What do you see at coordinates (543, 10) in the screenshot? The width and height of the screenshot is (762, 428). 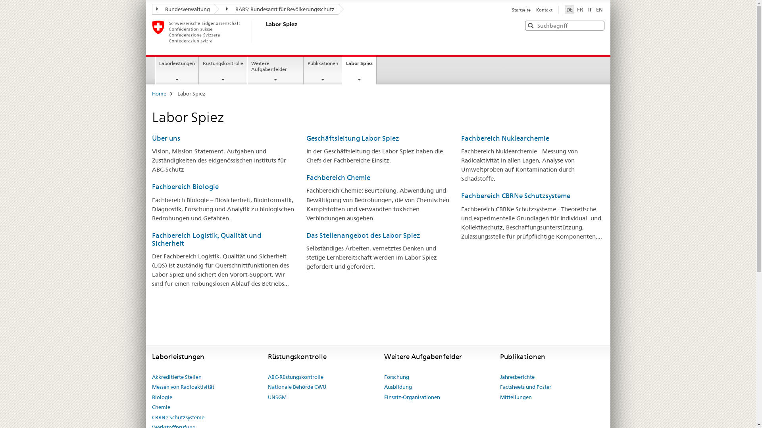 I see `'Kontakt'` at bounding box center [543, 10].